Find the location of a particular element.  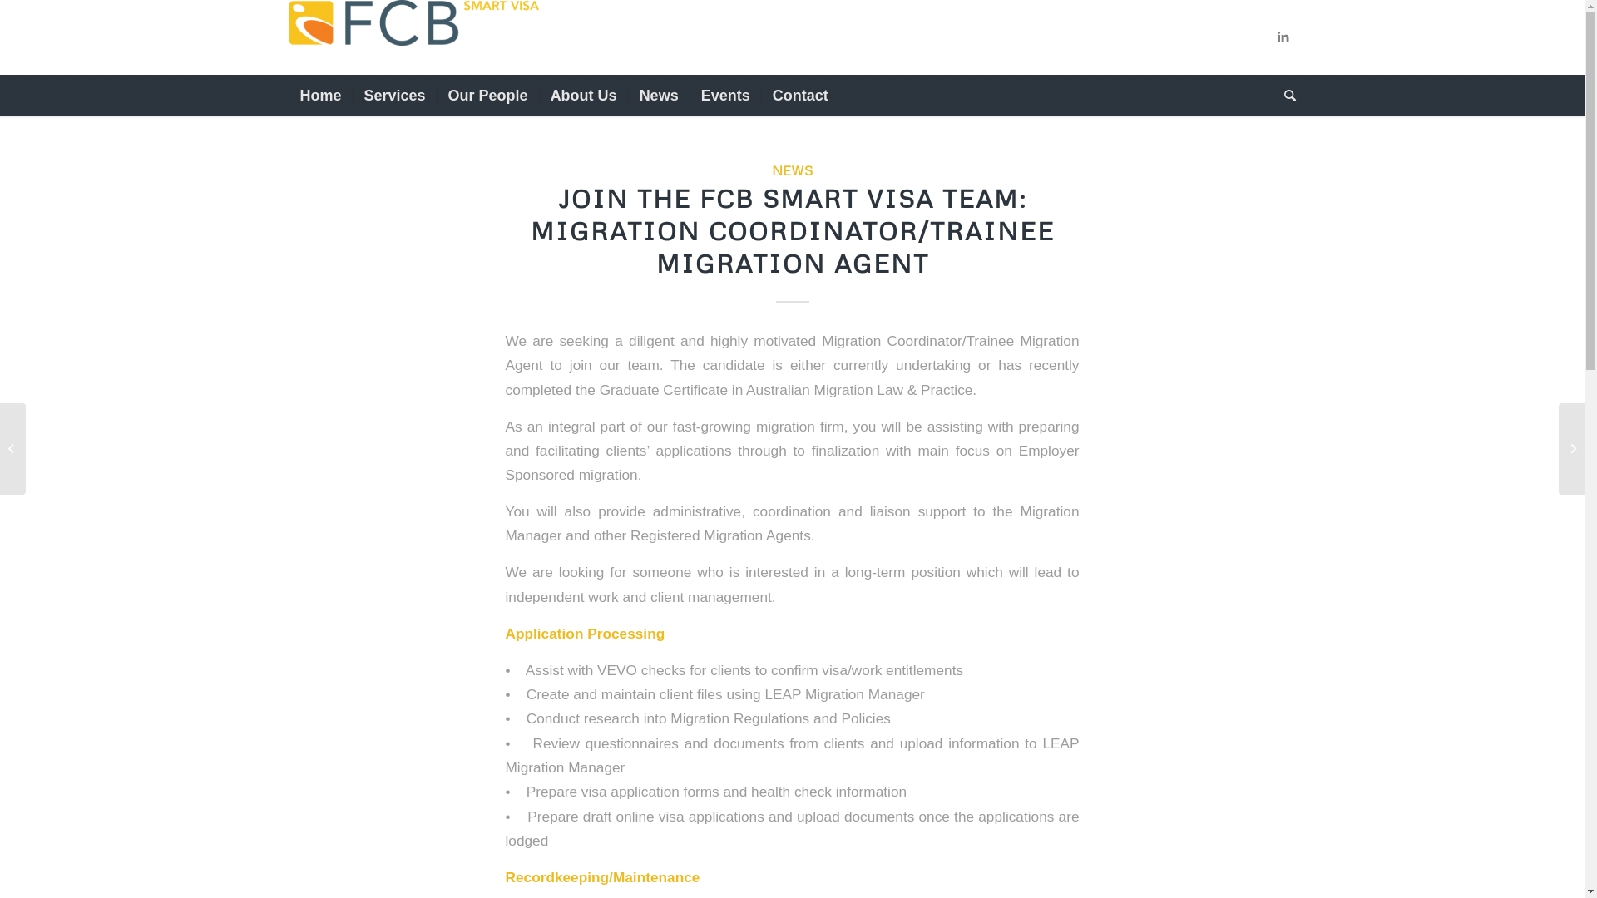

'Events' is located at coordinates (725, 96).